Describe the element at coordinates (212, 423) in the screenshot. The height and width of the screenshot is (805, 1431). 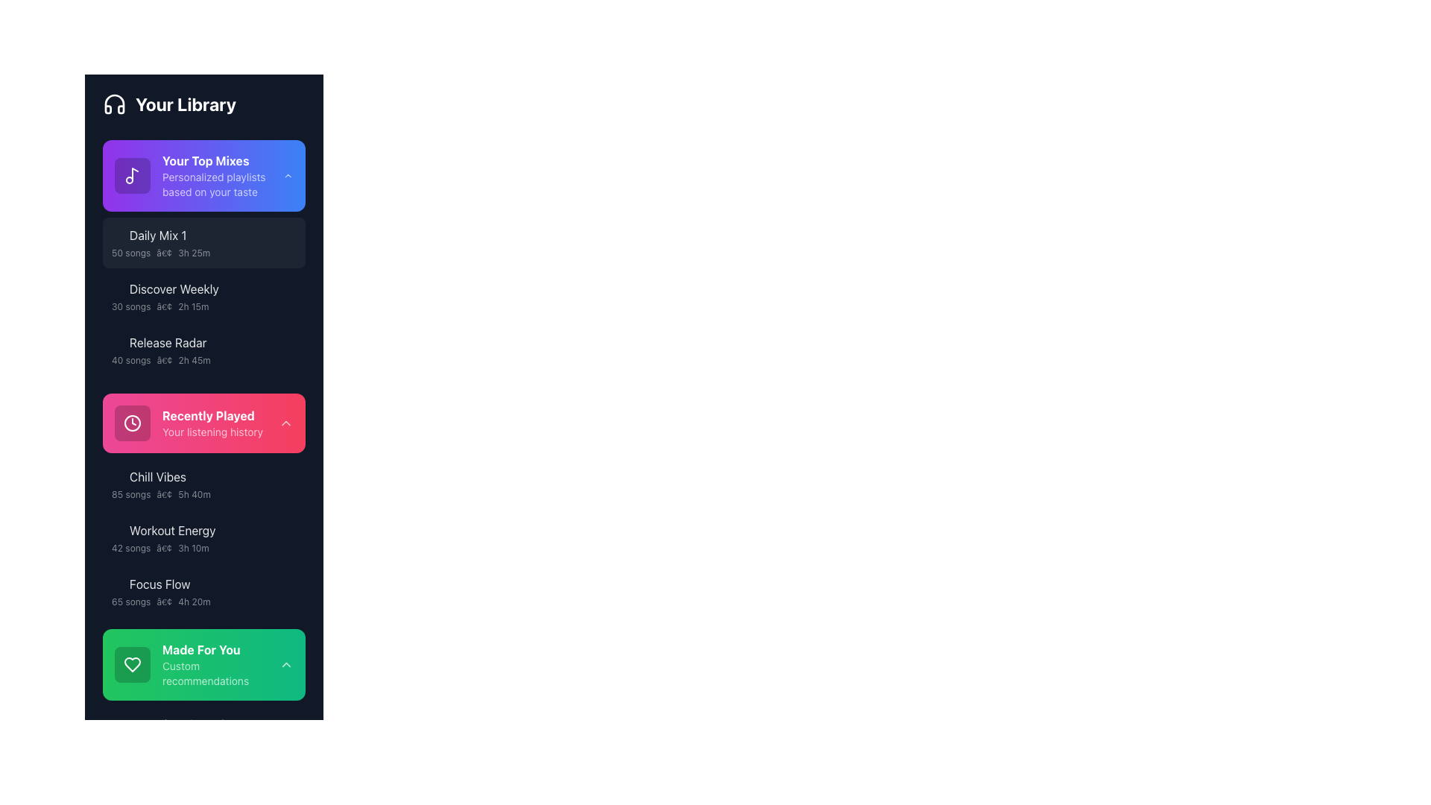
I see `the text block that provides information on the user's recently played music tracks, located below the 'Release Radar' section and above 'Chill Vibes'` at that location.